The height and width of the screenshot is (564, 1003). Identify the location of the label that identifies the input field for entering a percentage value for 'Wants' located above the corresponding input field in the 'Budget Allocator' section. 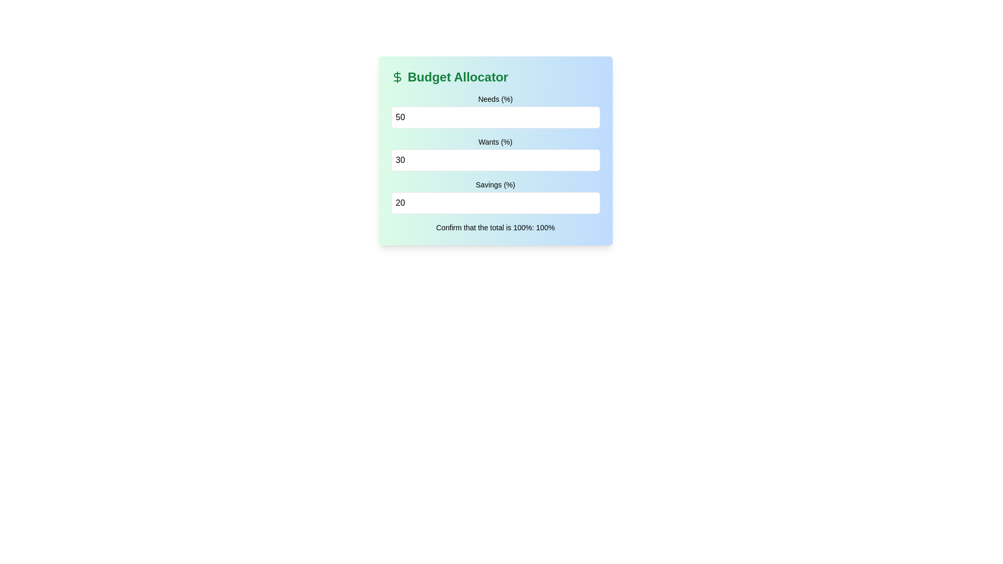
(495, 142).